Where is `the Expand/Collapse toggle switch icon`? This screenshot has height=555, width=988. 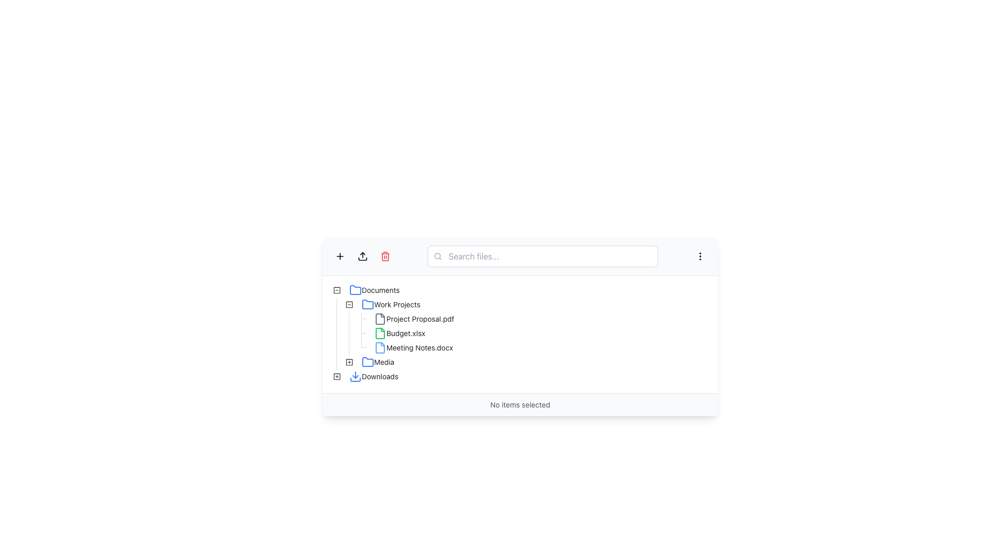 the Expand/Collapse toggle switch icon is located at coordinates (349, 362).